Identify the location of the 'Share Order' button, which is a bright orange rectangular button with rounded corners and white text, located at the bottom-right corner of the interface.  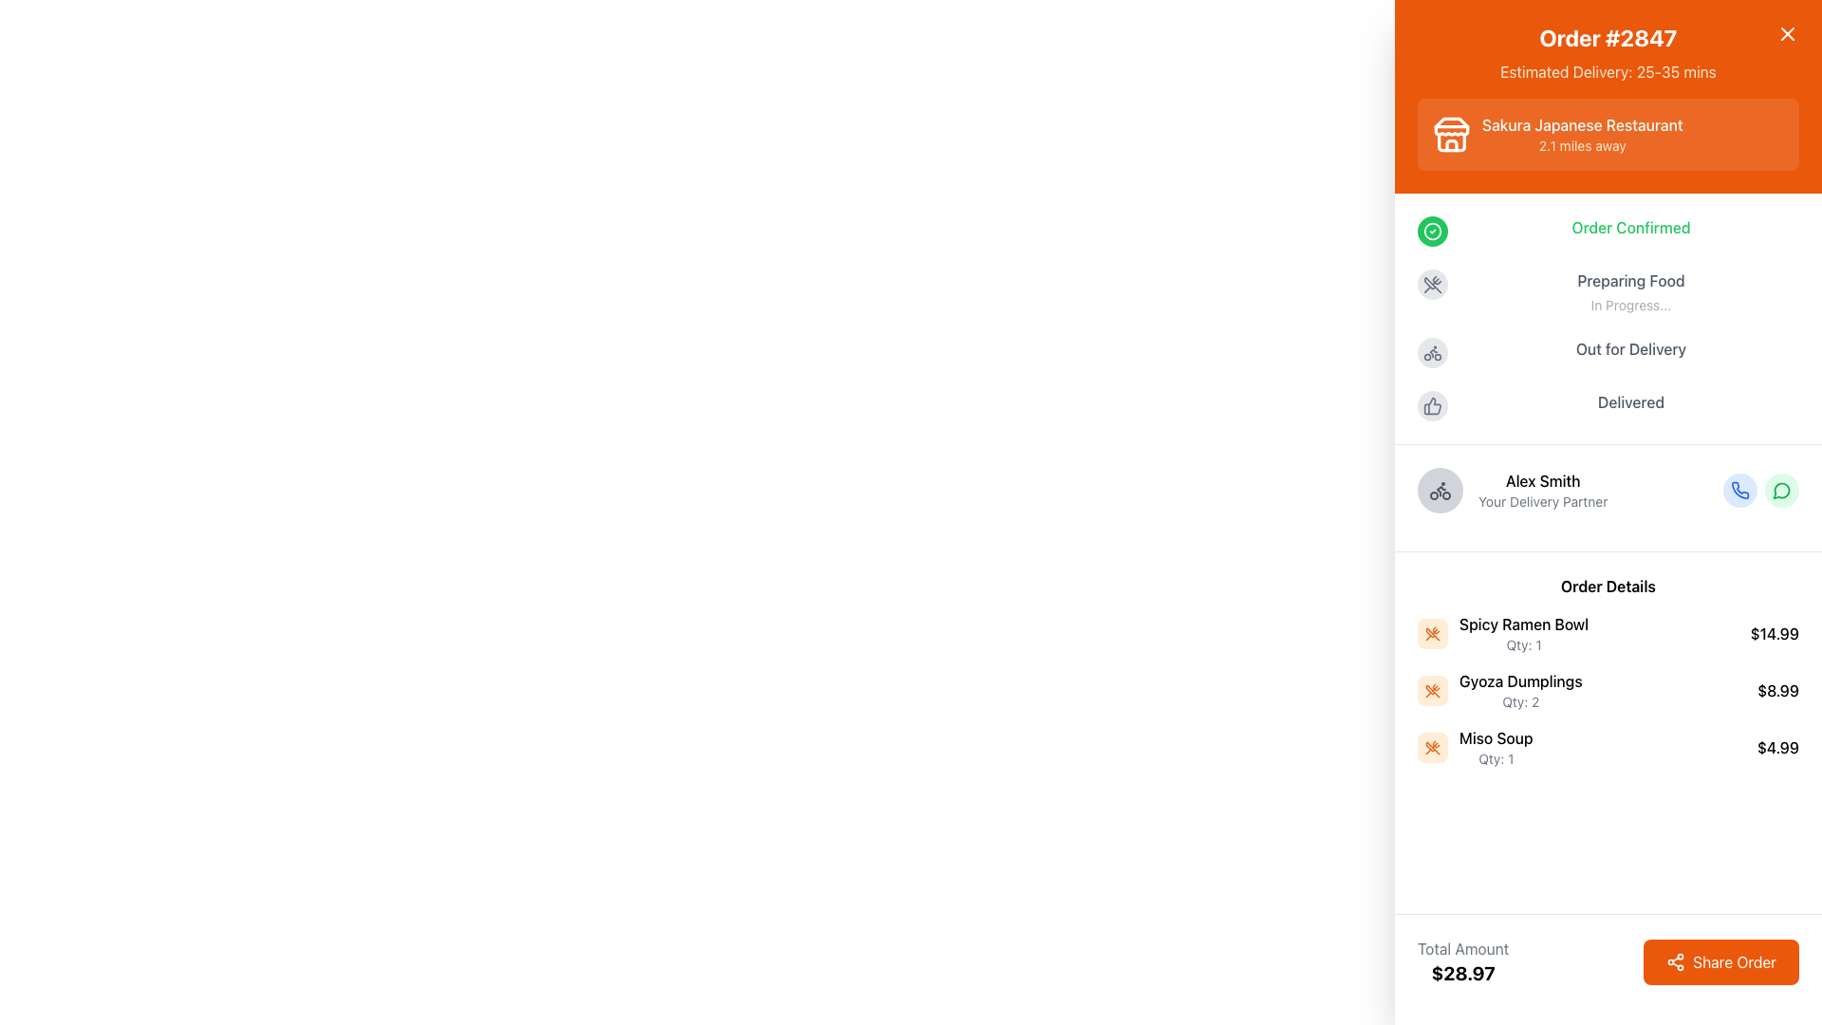
(1721, 962).